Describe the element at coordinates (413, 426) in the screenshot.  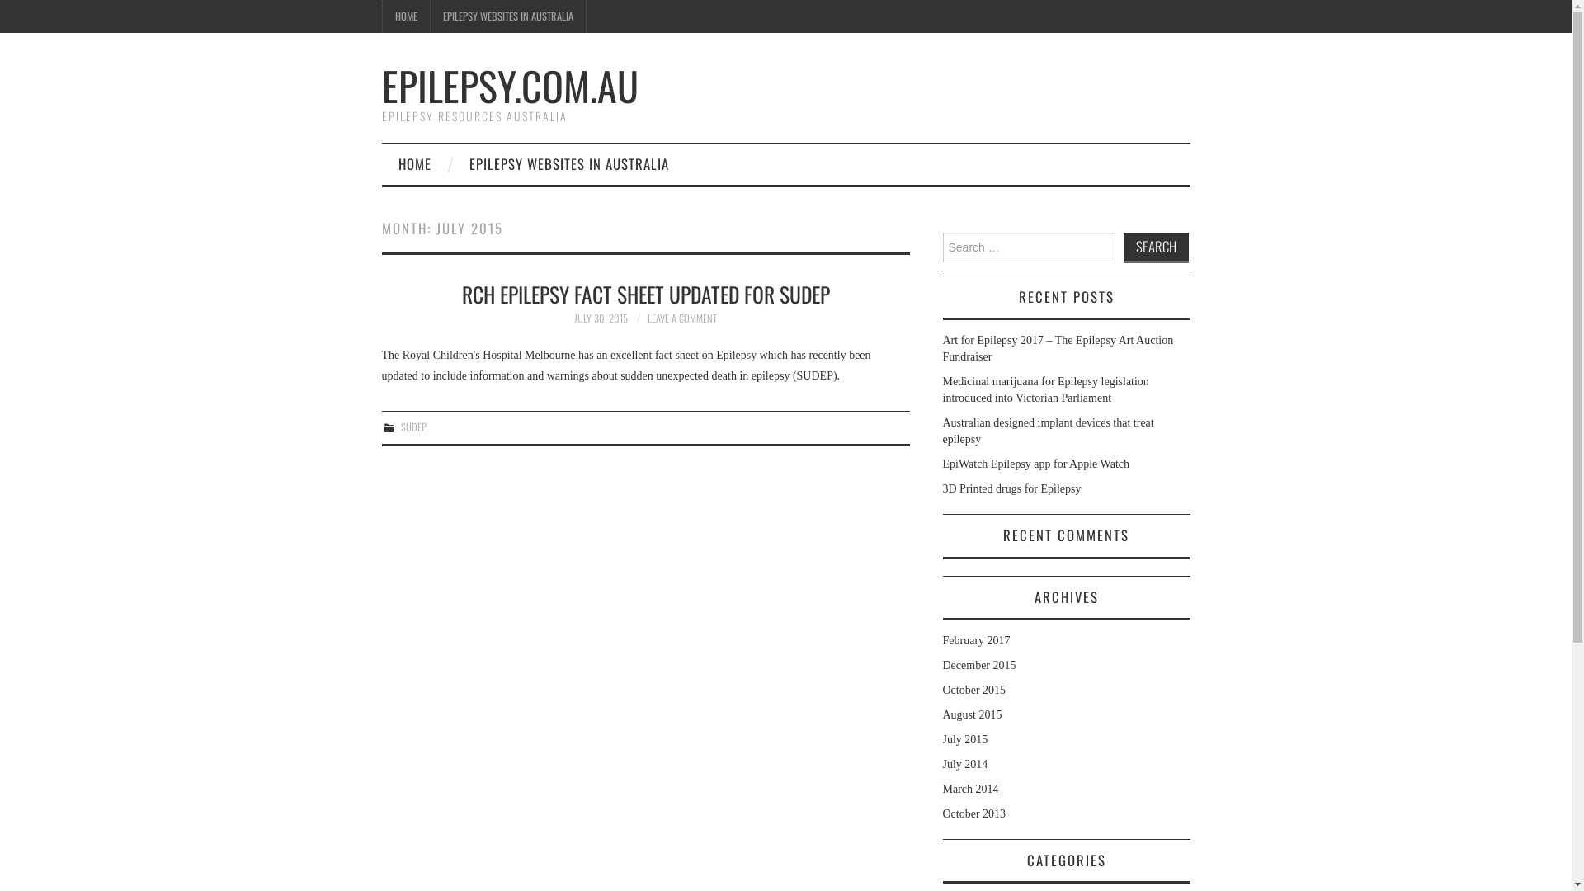
I see `'SUDEP'` at that location.